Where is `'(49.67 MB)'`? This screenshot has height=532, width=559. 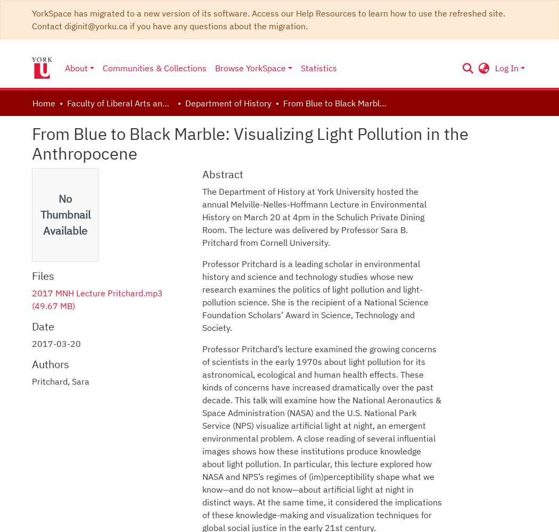 '(49.67 MB)' is located at coordinates (31, 305).